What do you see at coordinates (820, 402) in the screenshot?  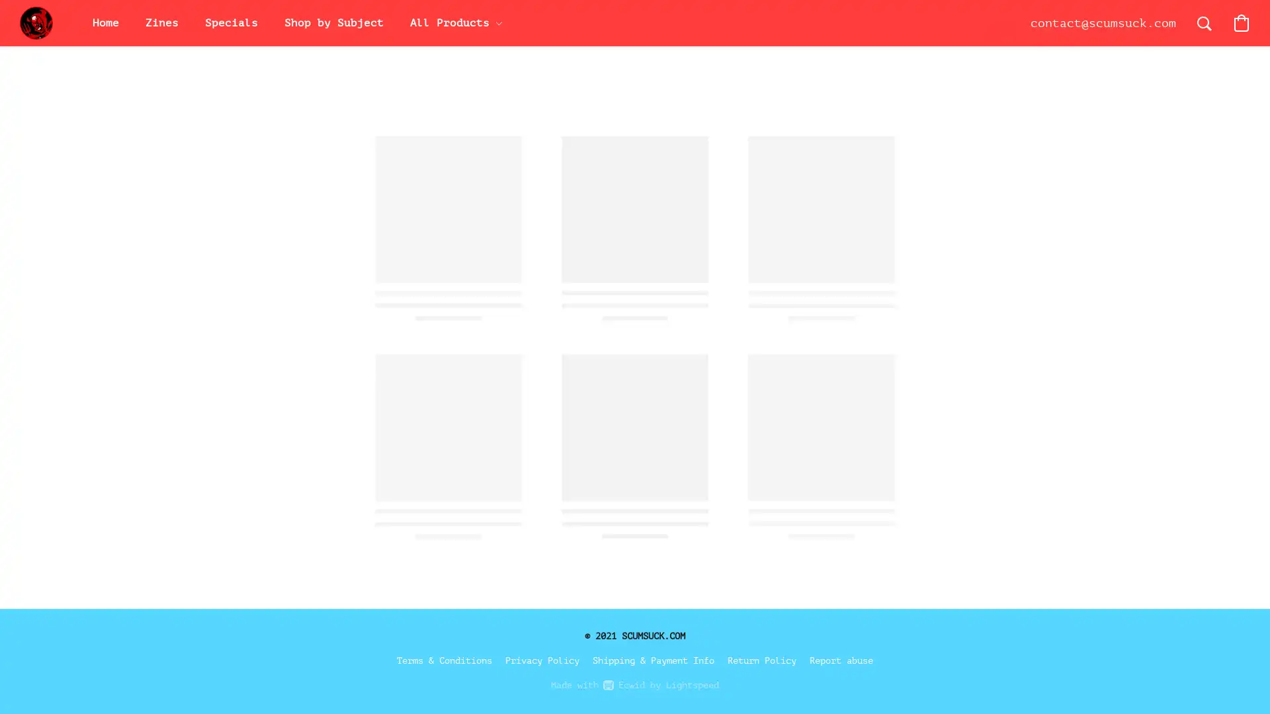 I see `Save this product for later` at bounding box center [820, 402].